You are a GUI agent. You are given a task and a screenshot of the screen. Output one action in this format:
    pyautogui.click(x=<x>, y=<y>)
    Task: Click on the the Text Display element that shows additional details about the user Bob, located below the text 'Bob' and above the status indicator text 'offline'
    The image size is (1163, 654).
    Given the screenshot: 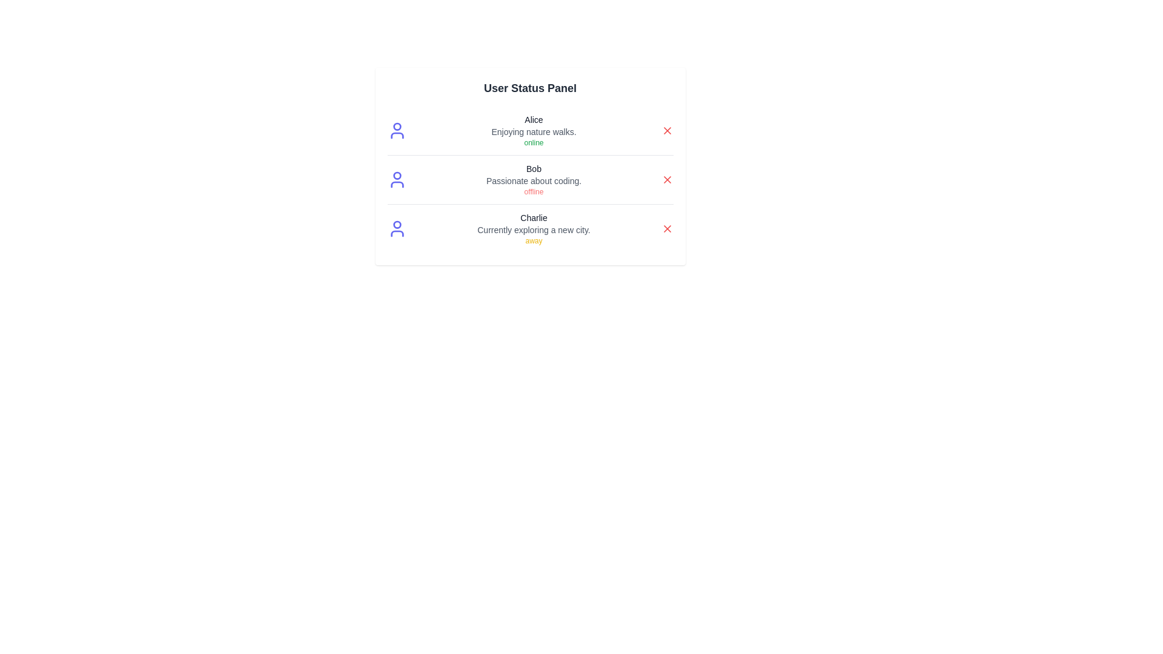 What is the action you would take?
    pyautogui.click(x=533, y=181)
    